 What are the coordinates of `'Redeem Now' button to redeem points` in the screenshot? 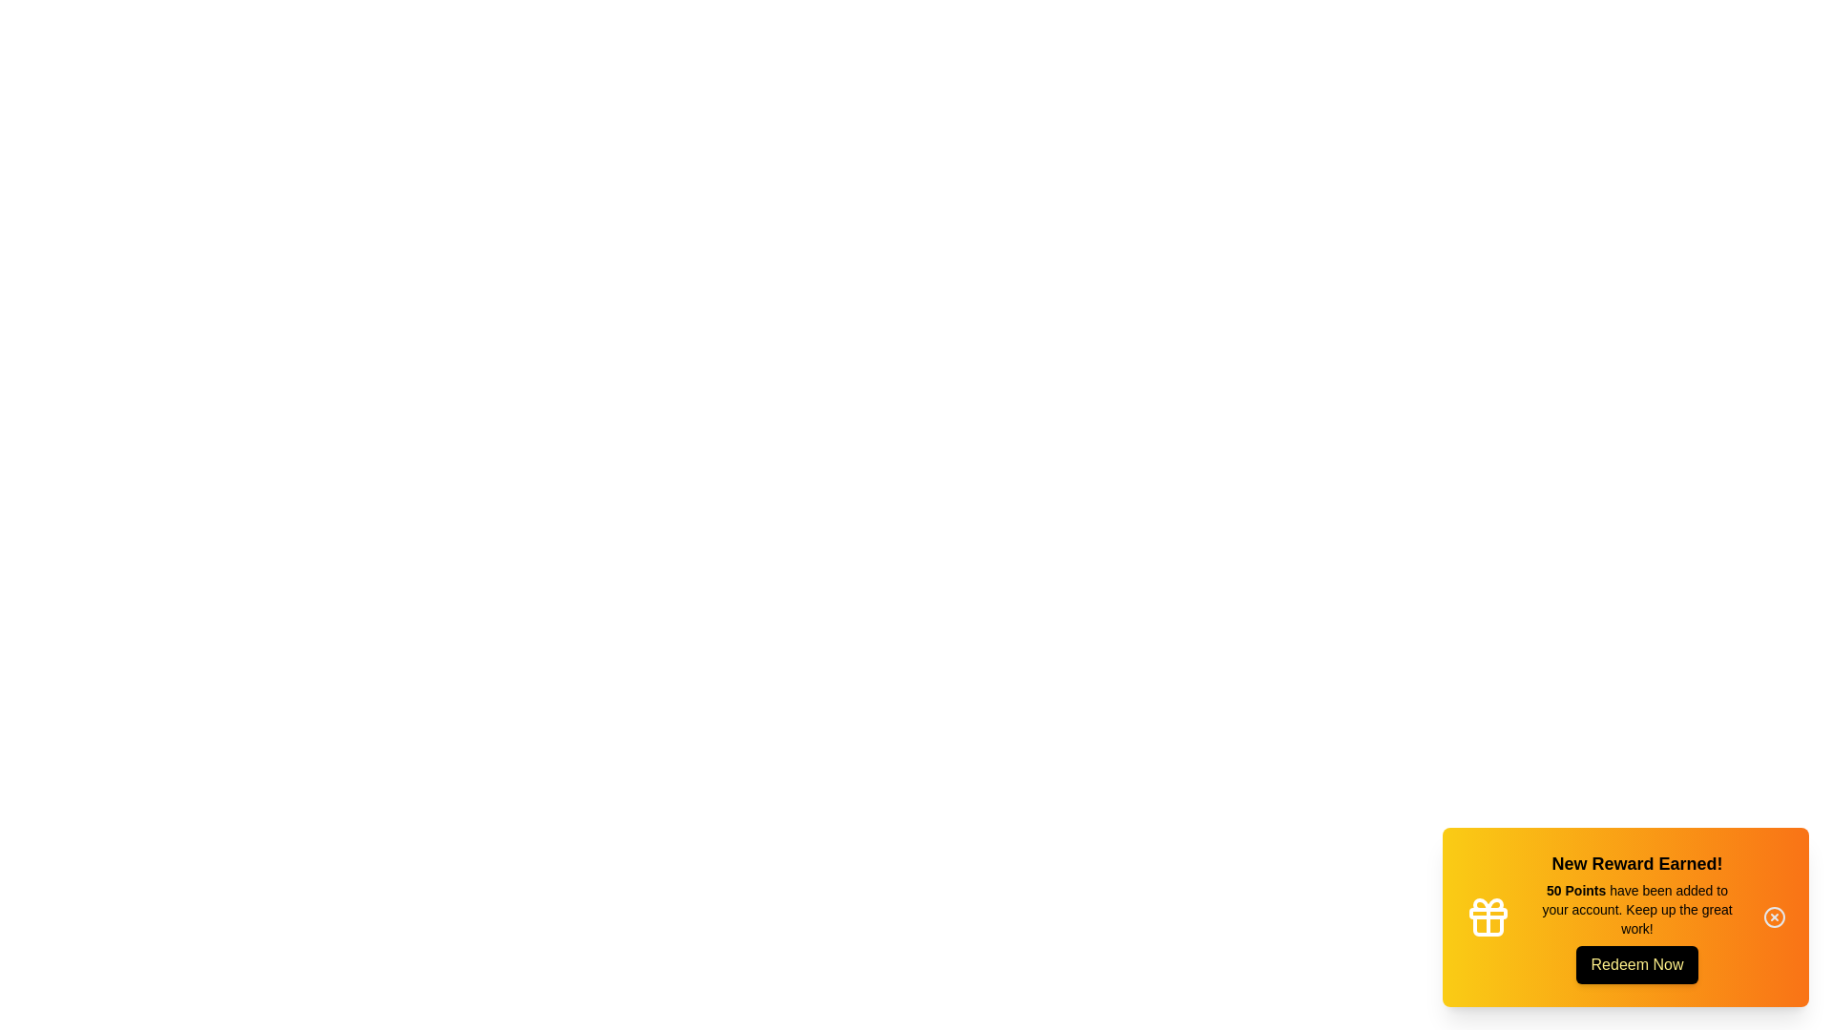 It's located at (1636, 964).